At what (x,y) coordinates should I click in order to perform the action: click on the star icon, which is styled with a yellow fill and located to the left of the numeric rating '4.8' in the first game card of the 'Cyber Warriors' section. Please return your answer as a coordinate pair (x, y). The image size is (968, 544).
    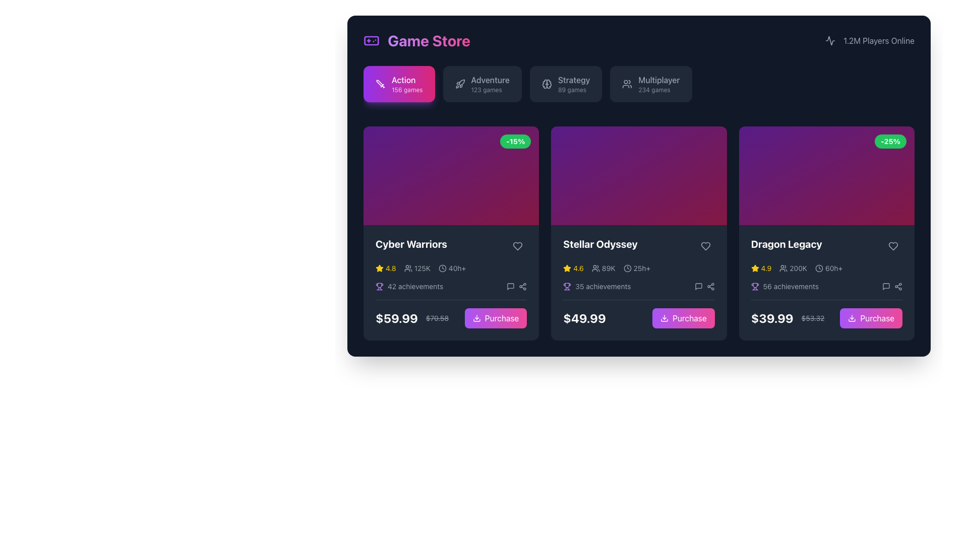
    Looking at the image, I should click on (379, 267).